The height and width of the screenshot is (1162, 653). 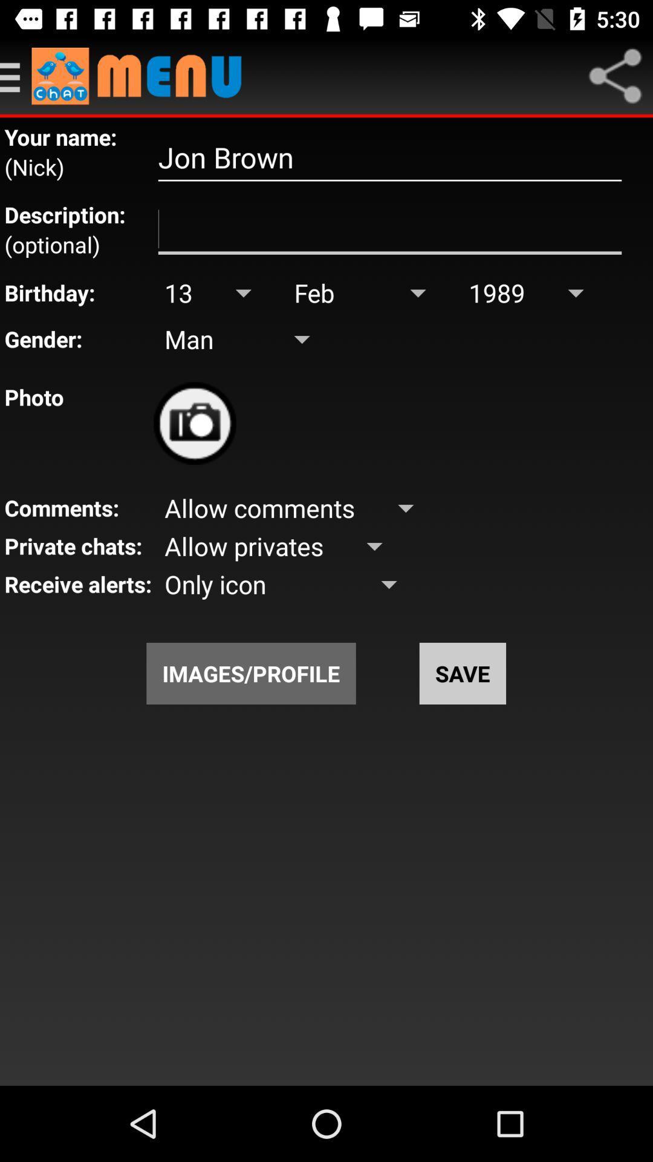 I want to click on open menu, so click(x=16, y=75).